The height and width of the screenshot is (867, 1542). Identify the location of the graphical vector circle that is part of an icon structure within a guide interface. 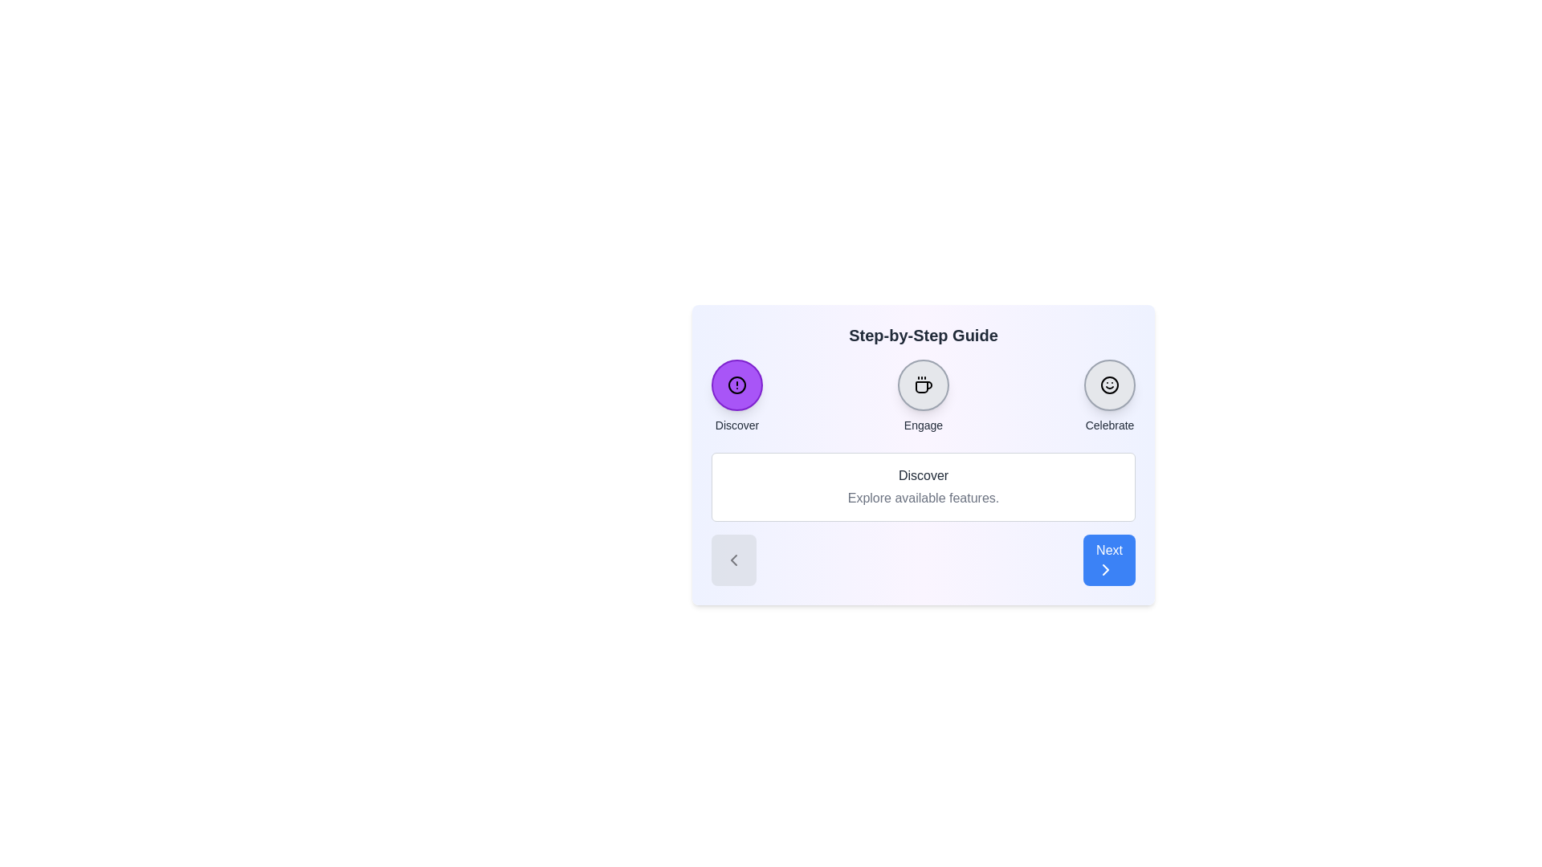
(736, 385).